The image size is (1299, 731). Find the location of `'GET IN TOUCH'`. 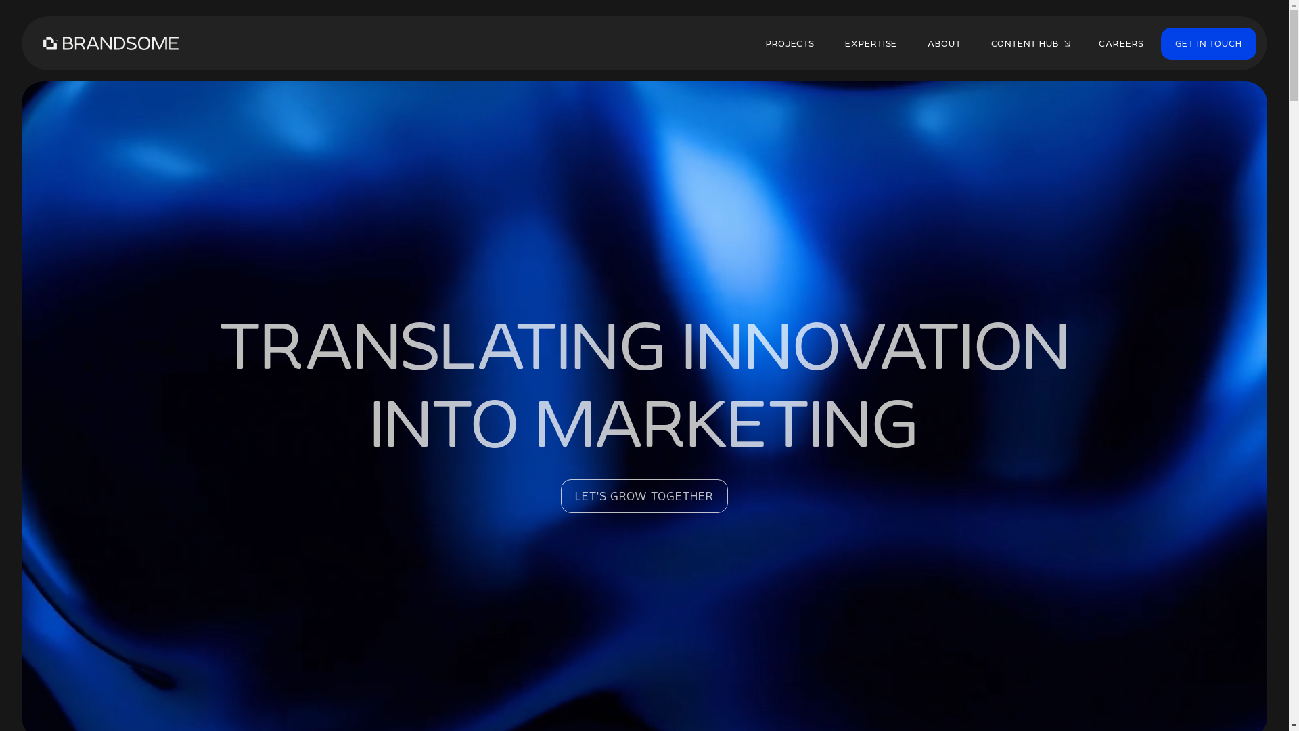

'GET IN TOUCH' is located at coordinates (1208, 42).